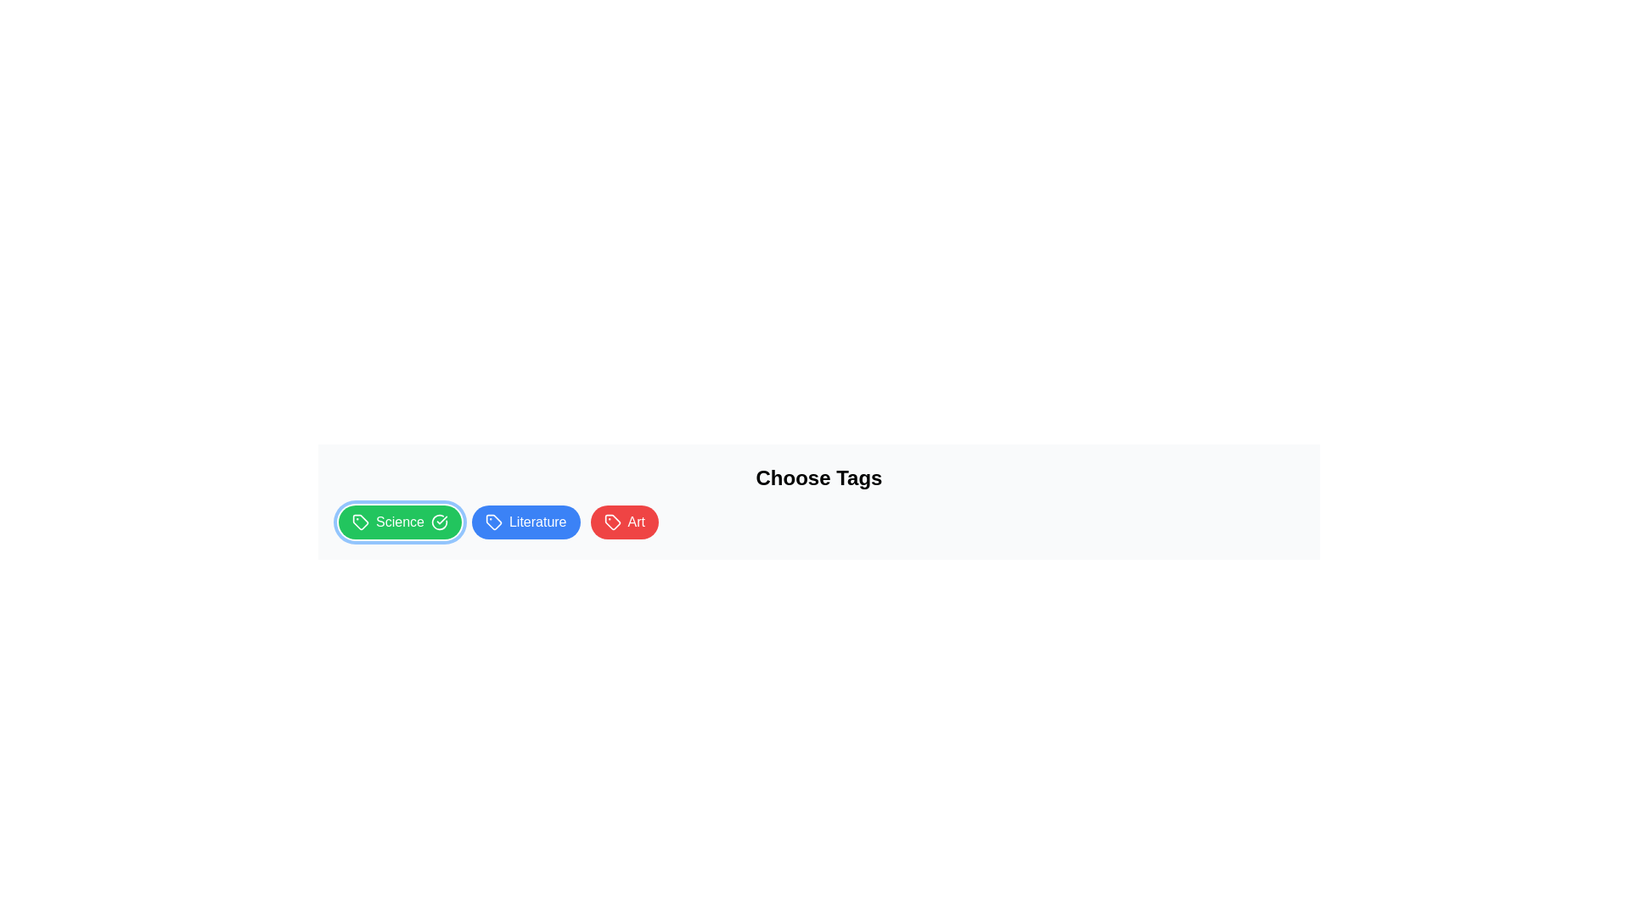 Image resolution: width=1630 pixels, height=916 pixels. I want to click on the tag Literature by clicking on it, so click(525, 522).